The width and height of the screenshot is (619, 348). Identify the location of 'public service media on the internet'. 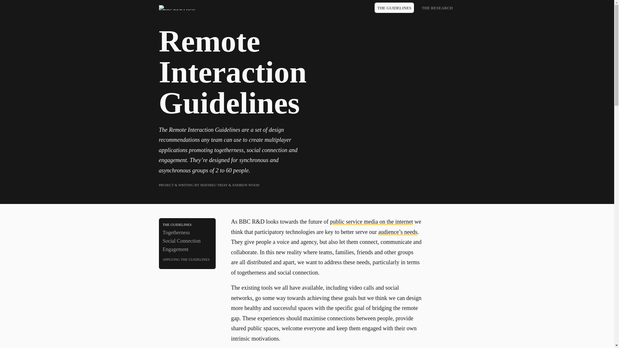
(371, 221).